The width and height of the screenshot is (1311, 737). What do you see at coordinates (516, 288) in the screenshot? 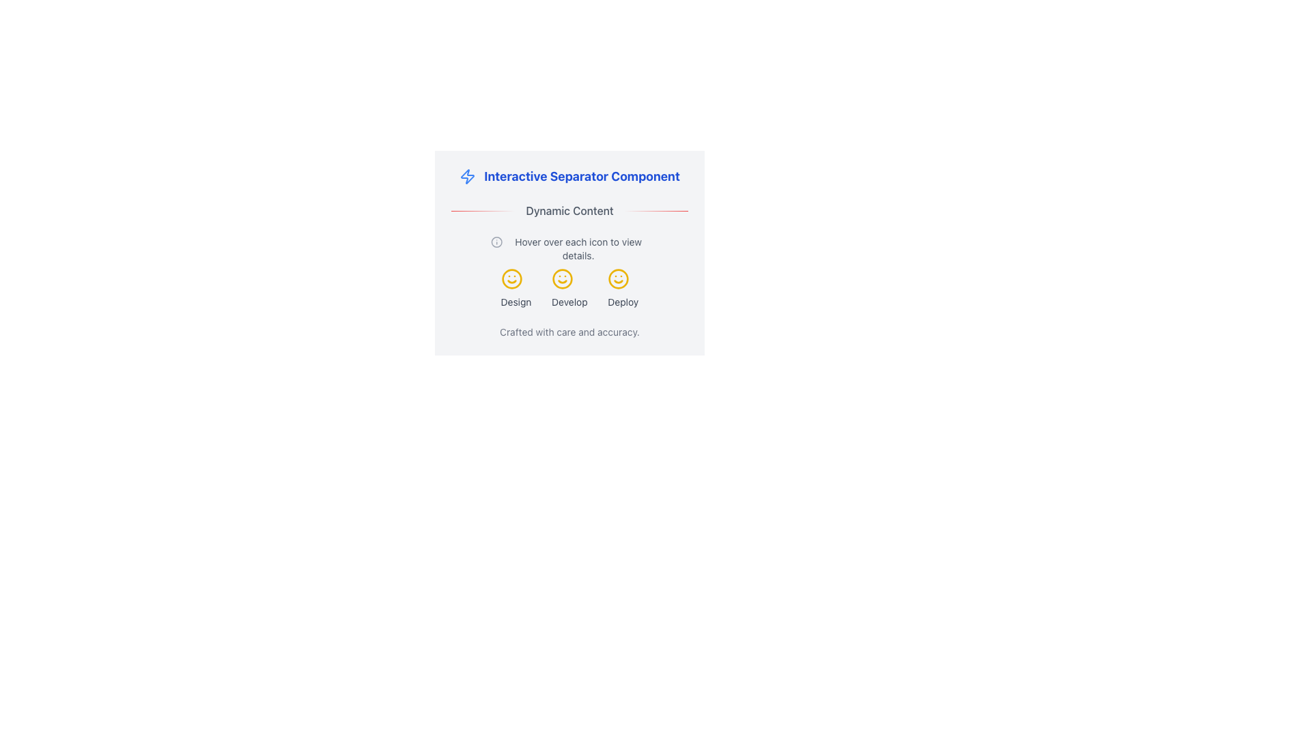
I see `the smiling face icon labeled 'Design'` at bounding box center [516, 288].